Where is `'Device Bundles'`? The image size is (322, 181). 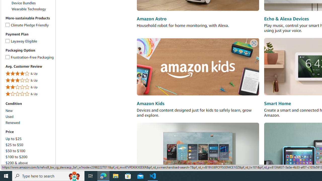 'Device Bundles' is located at coordinates (23, 3).